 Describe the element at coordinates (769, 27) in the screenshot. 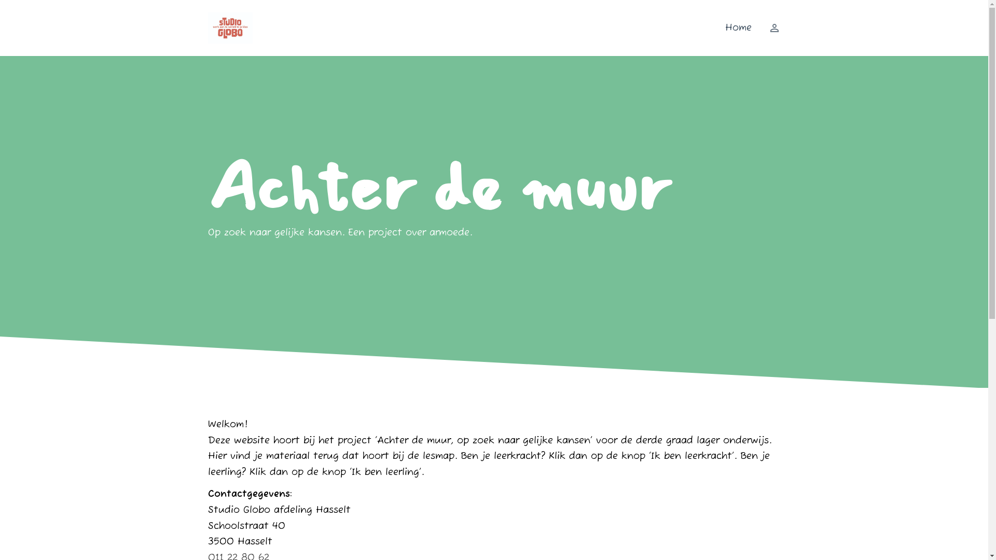

I see `'Inloggen'` at that location.